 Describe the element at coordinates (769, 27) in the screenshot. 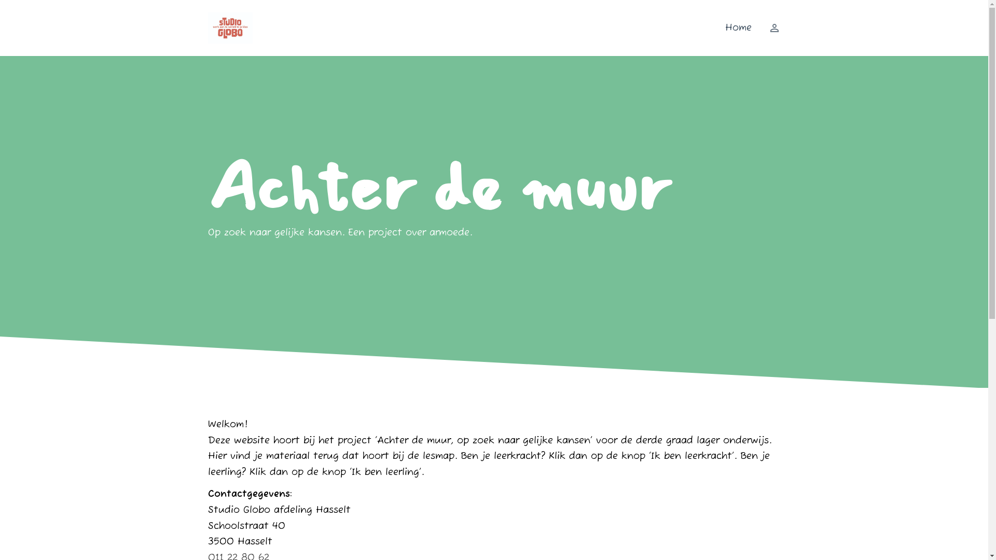

I see `'Inloggen'` at that location.